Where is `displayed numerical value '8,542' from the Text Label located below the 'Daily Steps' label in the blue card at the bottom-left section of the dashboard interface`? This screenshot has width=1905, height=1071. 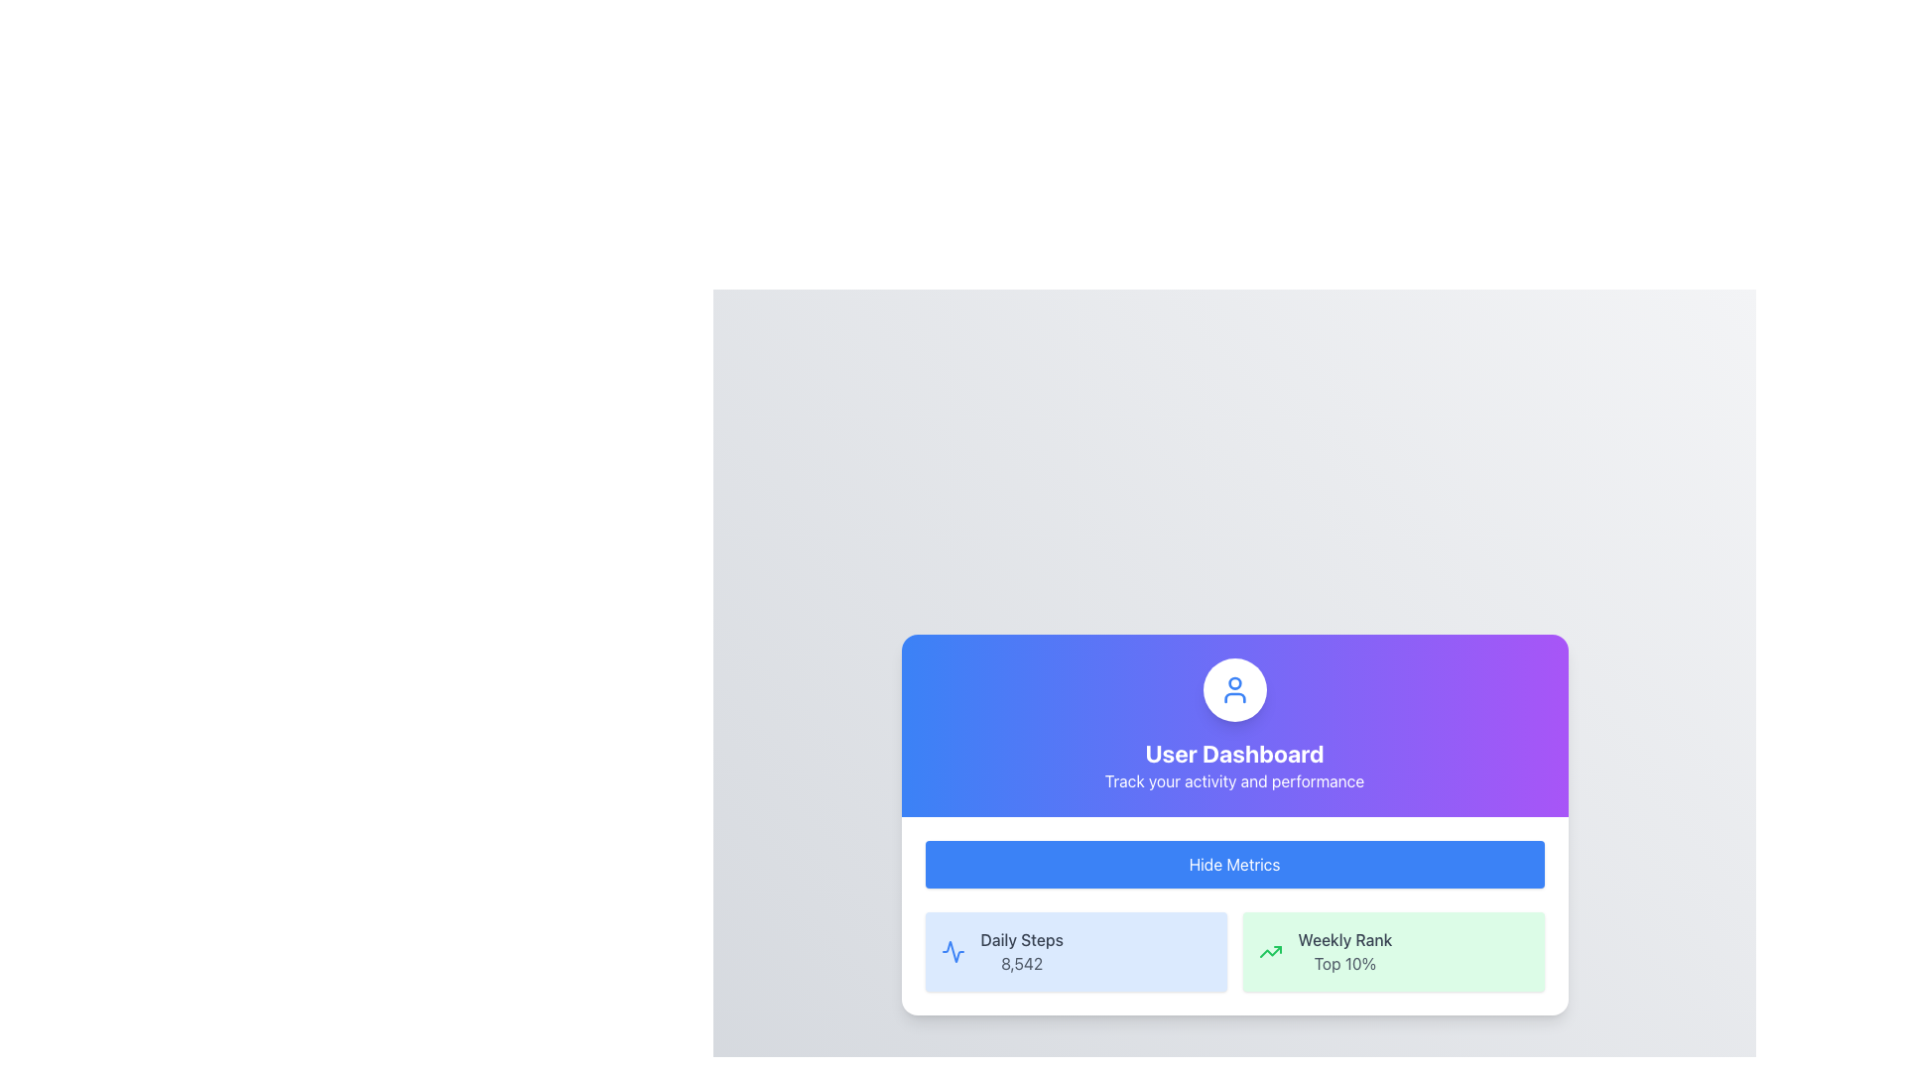
displayed numerical value '8,542' from the Text Label located below the 'Daily Steps' label in the blue card at the bottom-left section of the dashboard interface is located at coordinates (1022, 963).